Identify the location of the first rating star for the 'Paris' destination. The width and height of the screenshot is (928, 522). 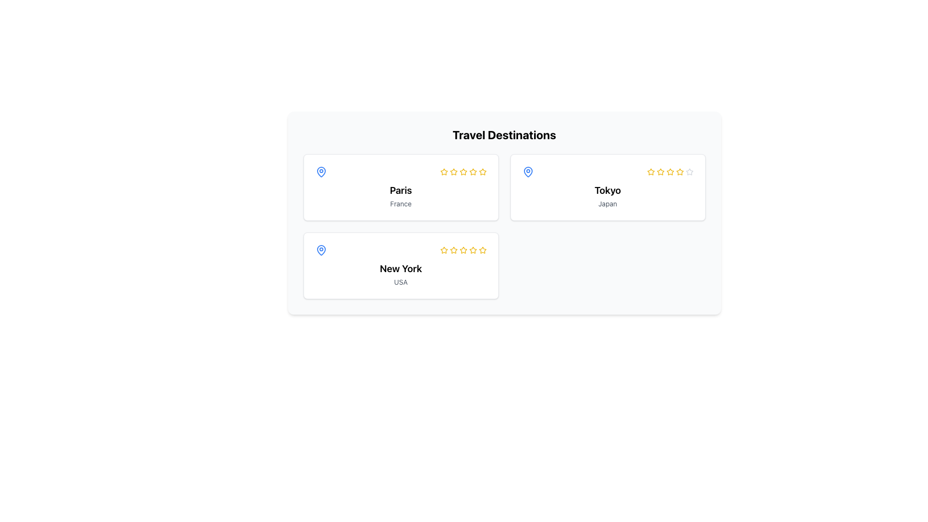
(443, 171).